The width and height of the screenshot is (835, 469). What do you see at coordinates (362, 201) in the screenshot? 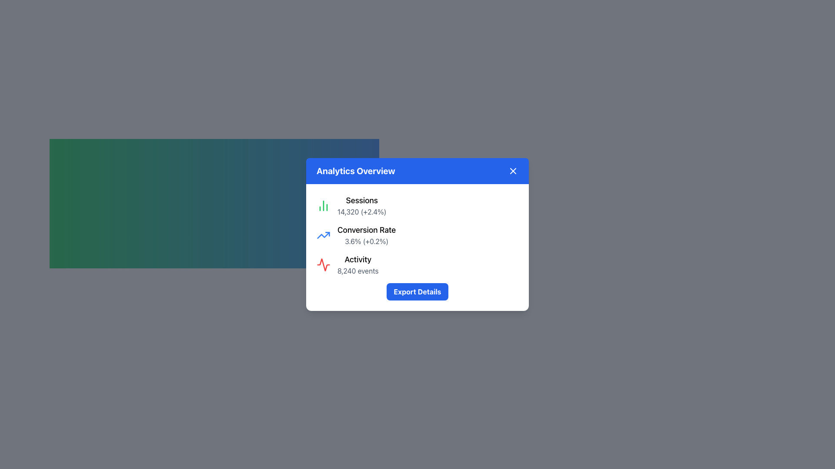
I see `the Text Label that functions as a header for session-related statistics, located at the top-left of the 'Analytics Overview' card` at bounding box center [362, 201].